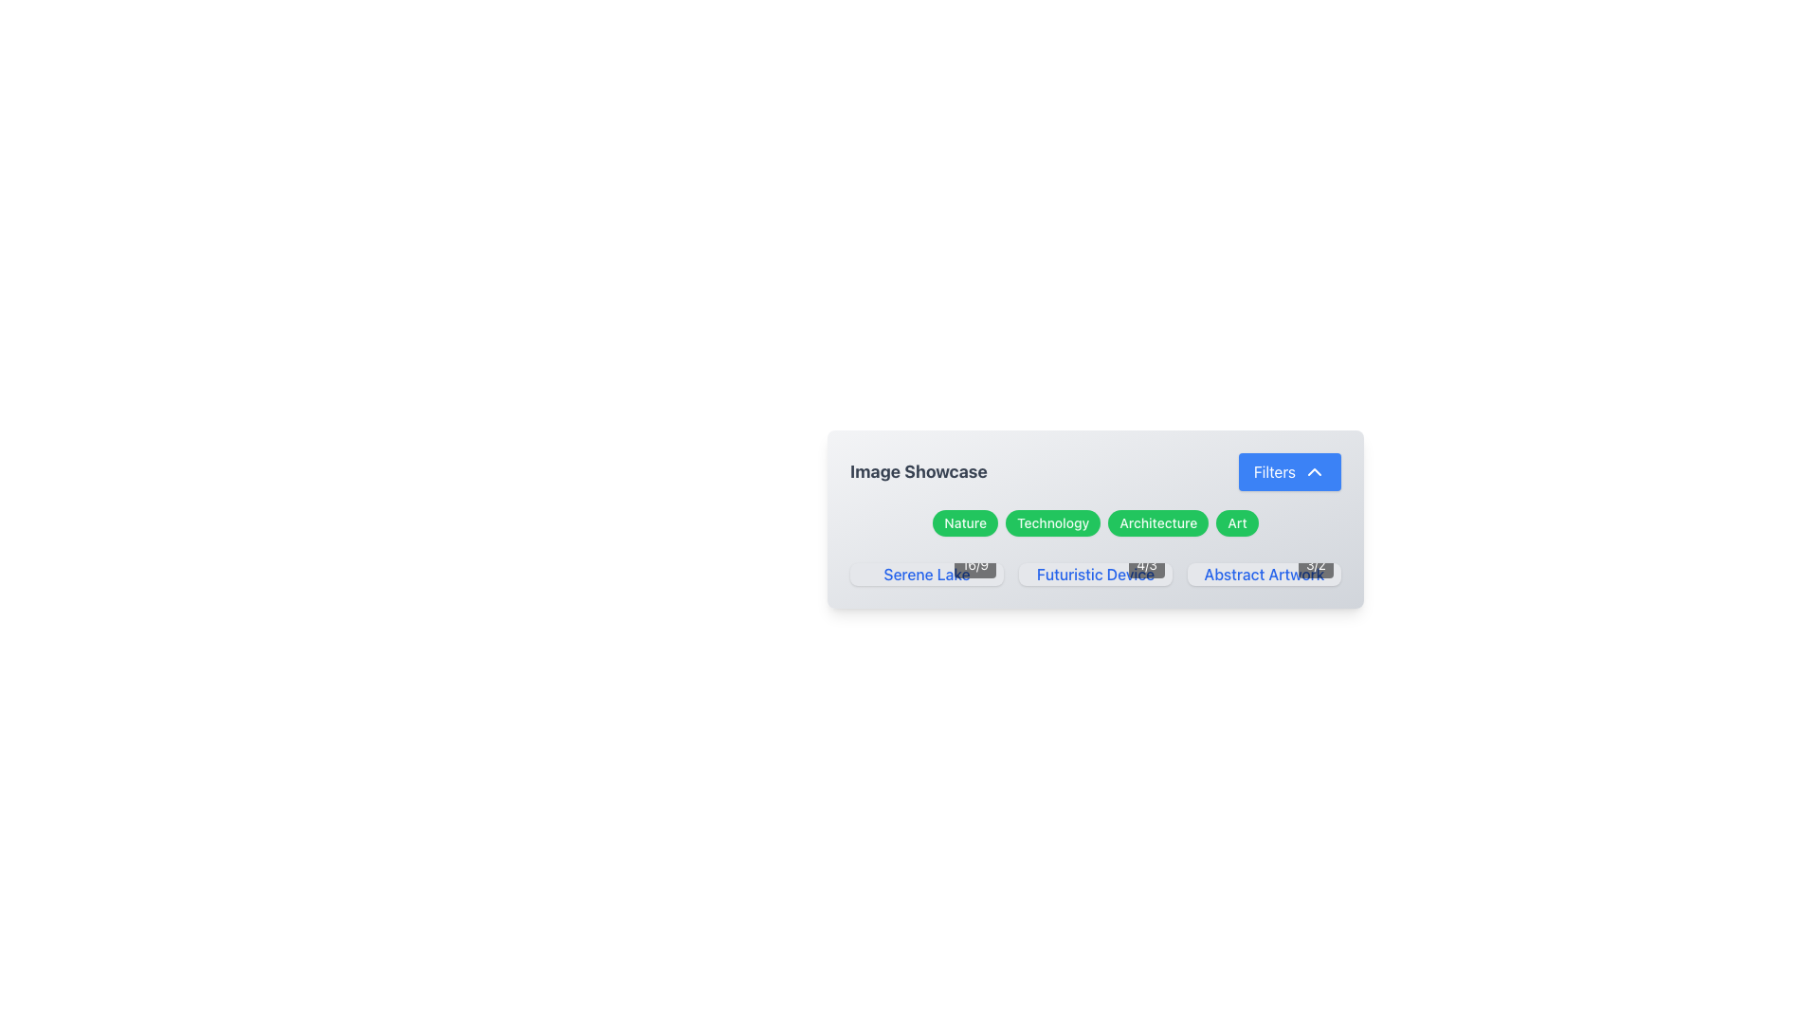  Describe the element at coordinates (965, 522) in the screenshot. I see `the green pill-shaped button labeled 'Nature'` at that location.